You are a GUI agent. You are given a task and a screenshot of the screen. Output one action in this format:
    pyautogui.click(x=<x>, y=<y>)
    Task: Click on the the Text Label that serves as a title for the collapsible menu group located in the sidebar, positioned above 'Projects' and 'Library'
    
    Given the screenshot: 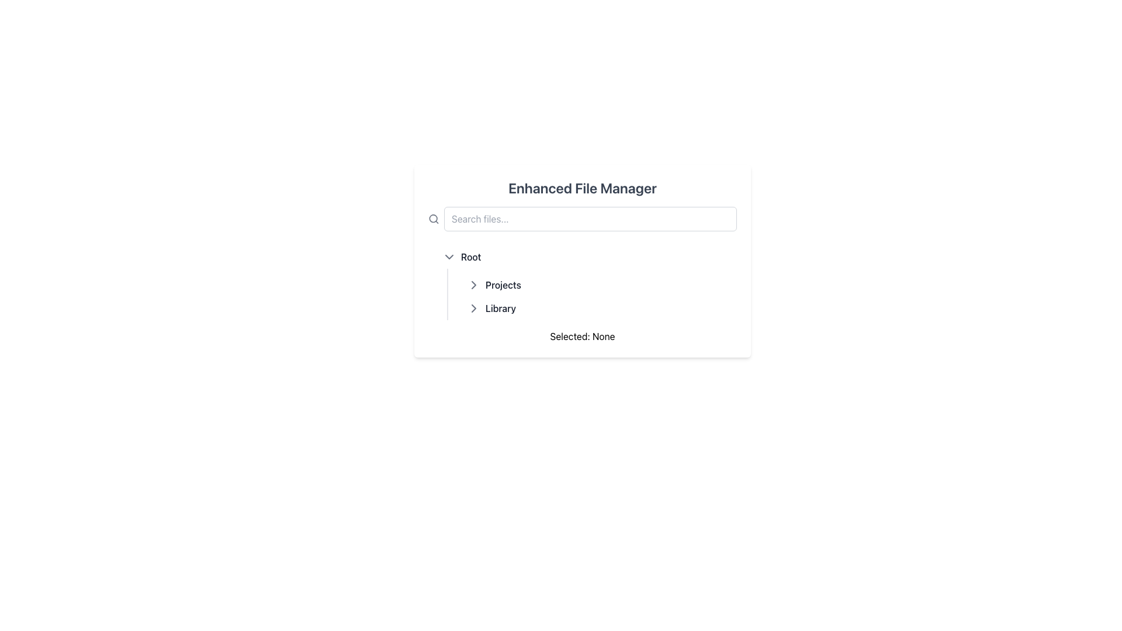 What is the action you would take?
    pyautogui.click(x=471, y=256)
    